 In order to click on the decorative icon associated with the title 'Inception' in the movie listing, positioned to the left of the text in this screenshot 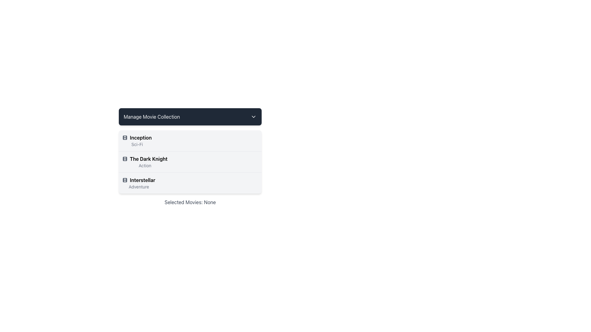, I will do `click(125, 137)`.